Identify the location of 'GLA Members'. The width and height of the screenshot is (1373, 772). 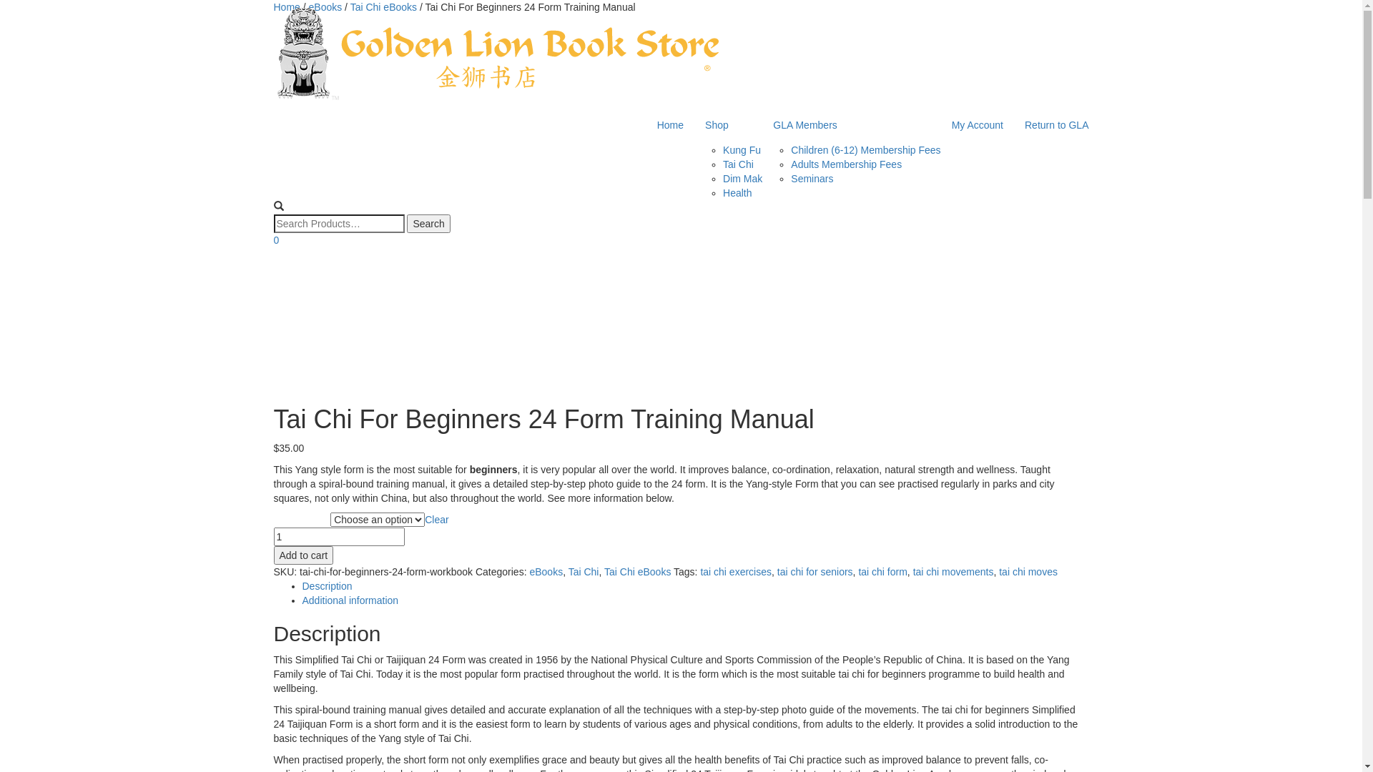
(851, 124).